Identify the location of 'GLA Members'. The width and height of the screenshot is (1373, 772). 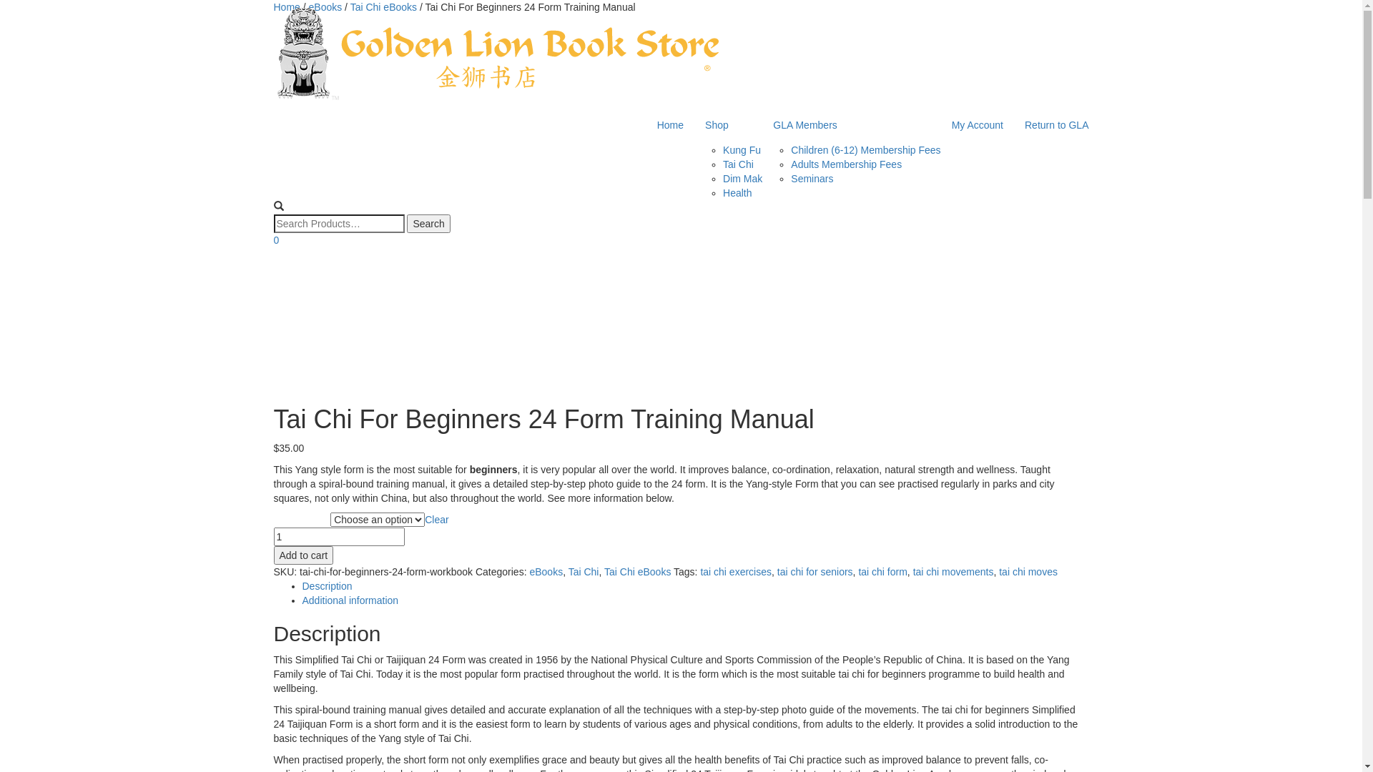
(851, 124).